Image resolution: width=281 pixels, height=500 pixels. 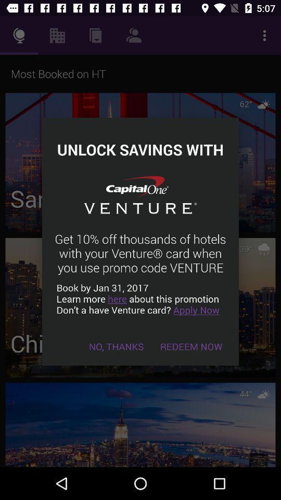 What do you see at coordinates (116, 346) in the screenshot?
I see `the item next to redeem now` at bounding box center [116, 346].